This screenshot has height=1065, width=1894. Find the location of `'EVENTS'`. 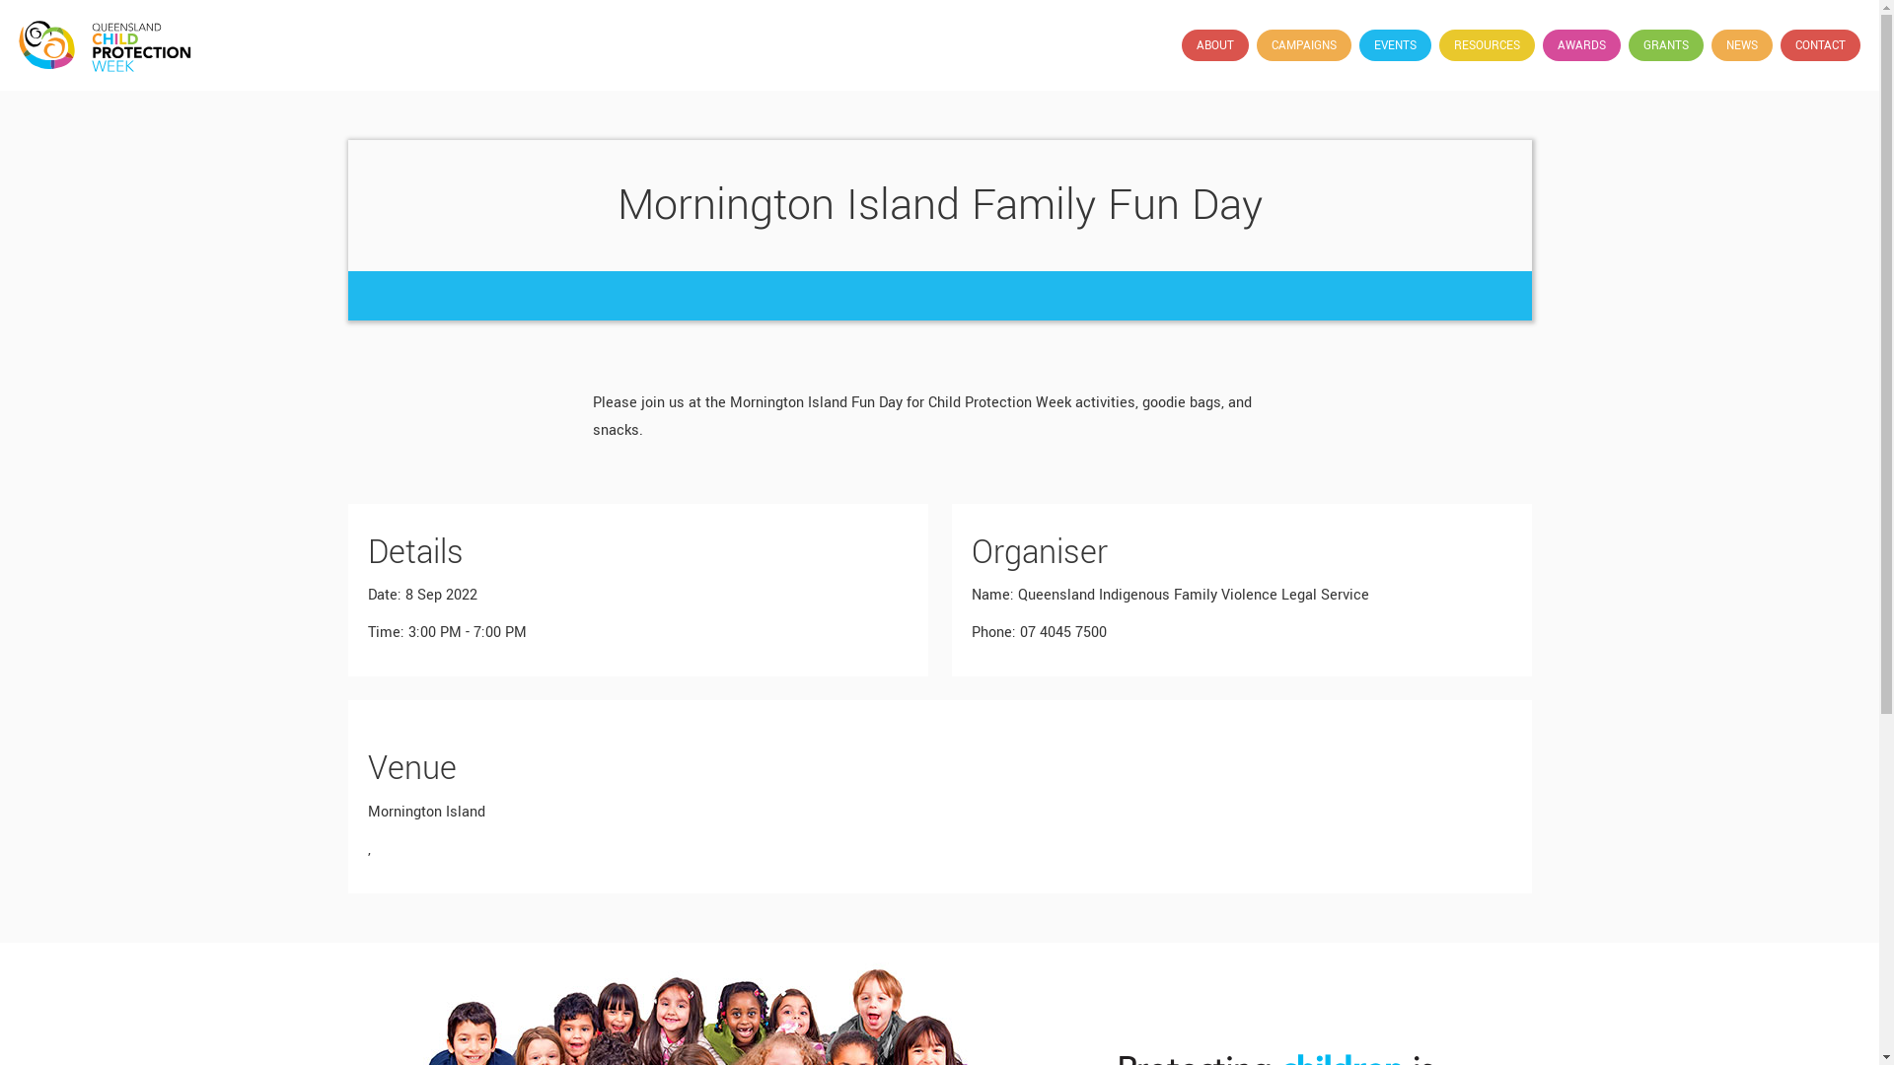

'EVENTS' is located at coordinates (1394, 44).